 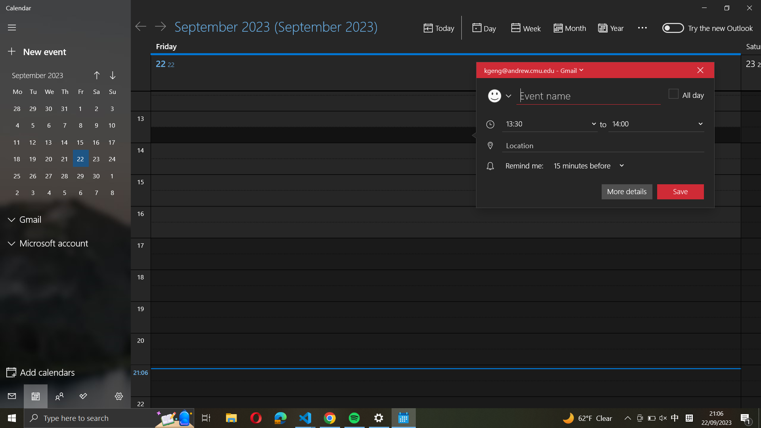 I want to click on Abort the existing event, so click(x=700, y=69).